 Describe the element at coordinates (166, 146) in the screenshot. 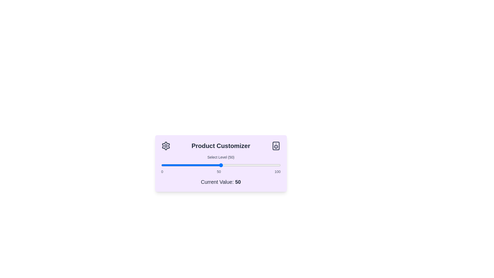

I see `the settings icon` at that location.